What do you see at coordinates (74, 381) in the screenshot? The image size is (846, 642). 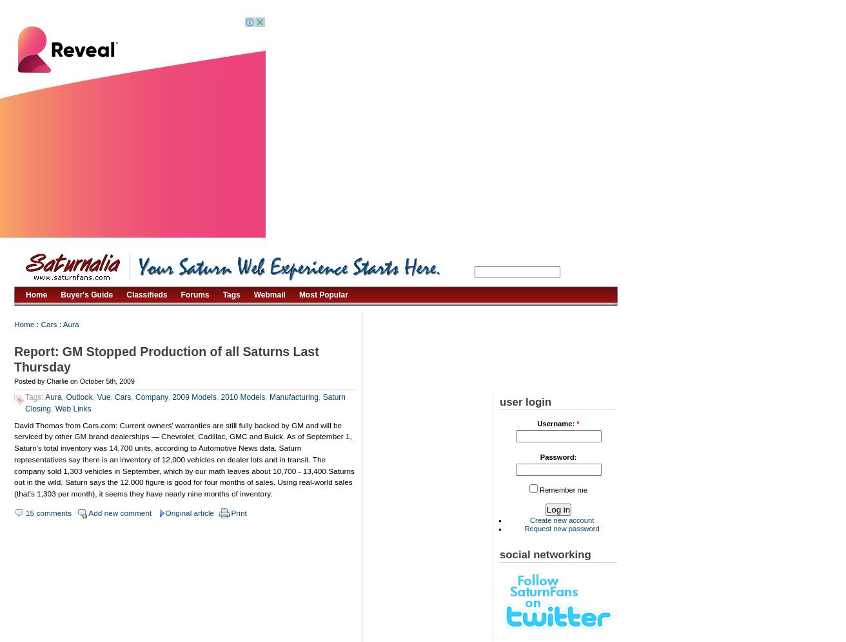 I see `'Posted  by Charlie on October 5th, 2009'` at bounding box center [74, 381].